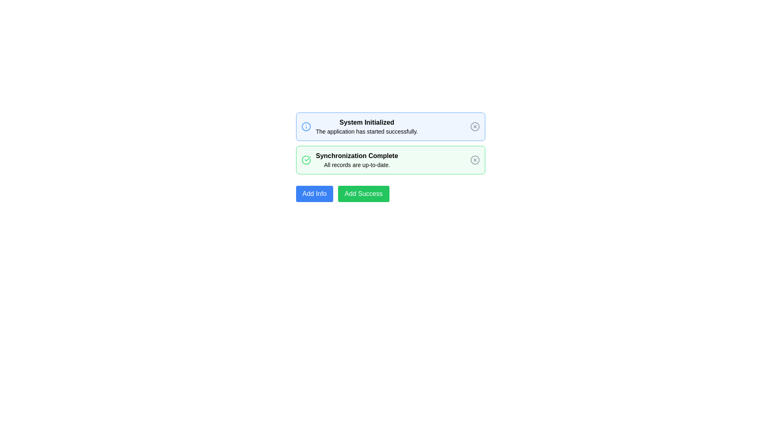 The image size is (783, 440). Describe the element at coordinates (366, 131) in the screenshot. I see `the static text that conveys the status message indicating the application has been successfully initiated, located beneath the 'System Initialized' header` at that location.